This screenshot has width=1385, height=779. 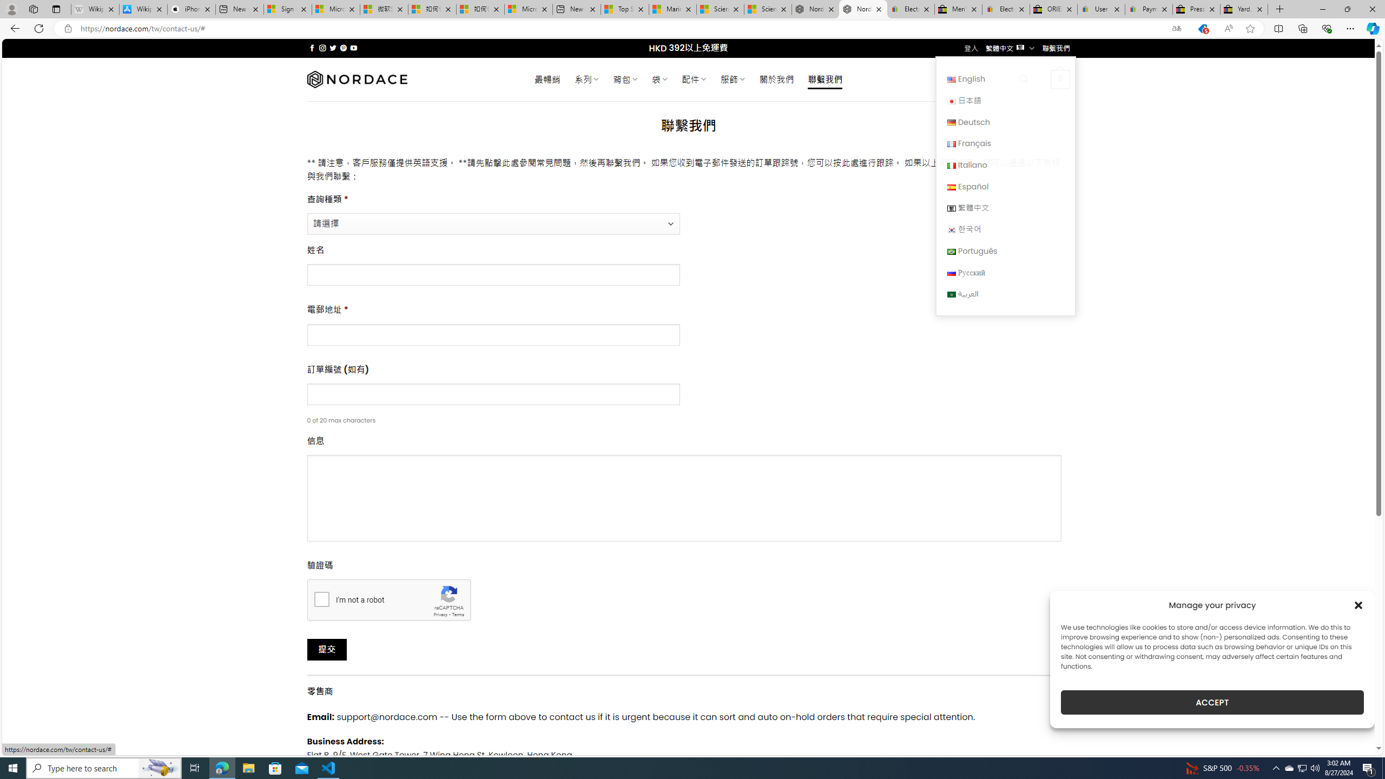 I want to click on 'Follow on Facebook', so click(x=312, y=48).